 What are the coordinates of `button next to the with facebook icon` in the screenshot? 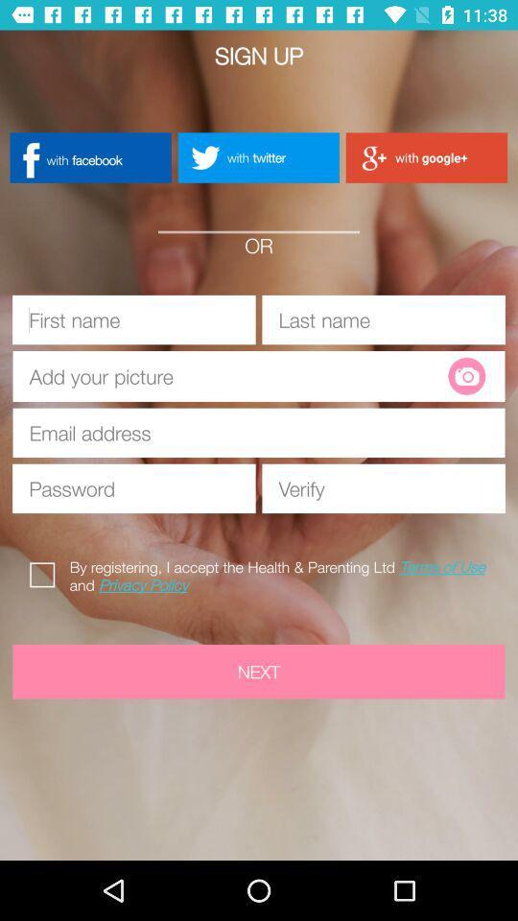 It's located at (258, 156).